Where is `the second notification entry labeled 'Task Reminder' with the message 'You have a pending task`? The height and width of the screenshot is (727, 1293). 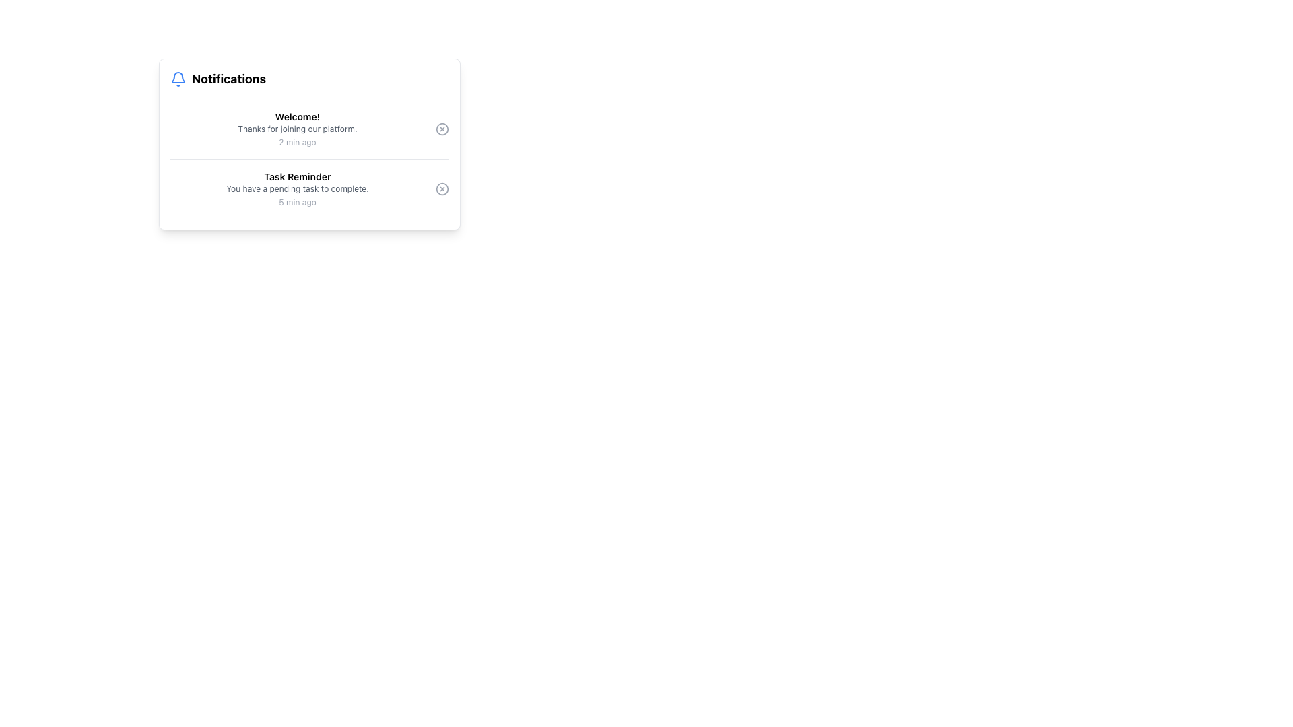
the second notification entry labeled 'Task Reminder' with the message 'You have a pending task is located at coordinates (309, 188).